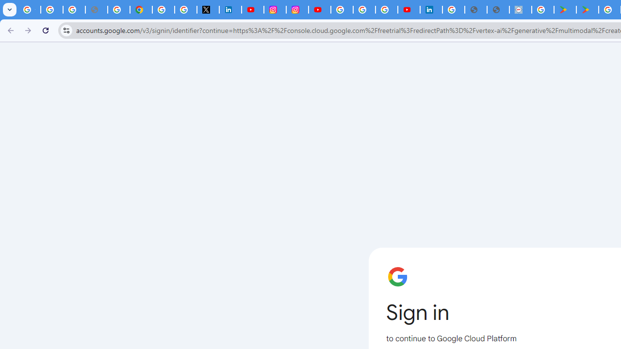  I want to click on 'Privacy Help Center - Policies Help', so click(118, 10).